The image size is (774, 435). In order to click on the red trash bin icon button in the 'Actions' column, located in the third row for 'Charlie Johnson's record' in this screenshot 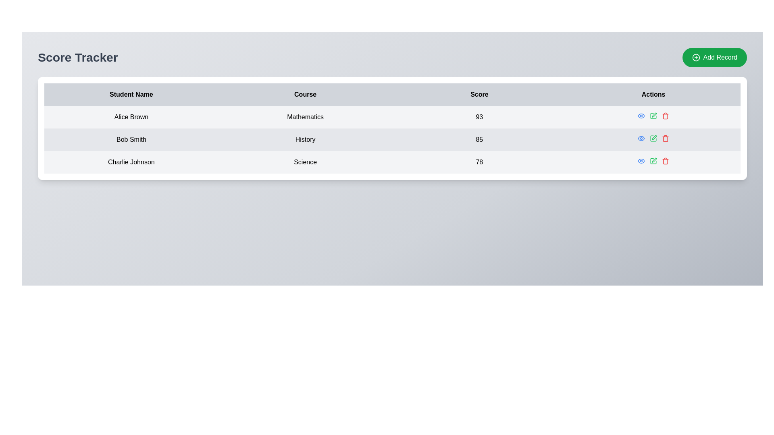, I will do `click(666, 138)`.